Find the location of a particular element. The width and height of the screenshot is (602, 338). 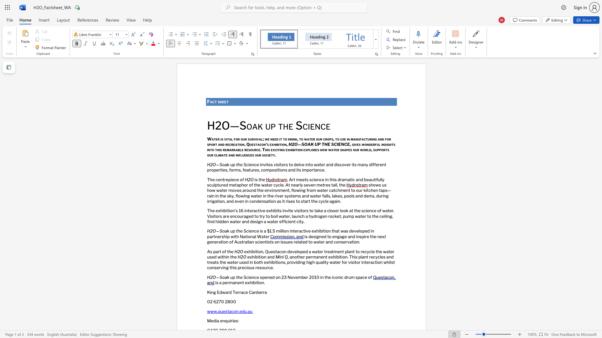

the subset text "quality water for visitor interaction whilst conserving this prec" within the text ", another permanent exhibition. This plant recycles and treats the water used in both exhibitions, providing high quality water for visitor interaction whilst conserving this precious resource." is located at coordinates (315, 262).